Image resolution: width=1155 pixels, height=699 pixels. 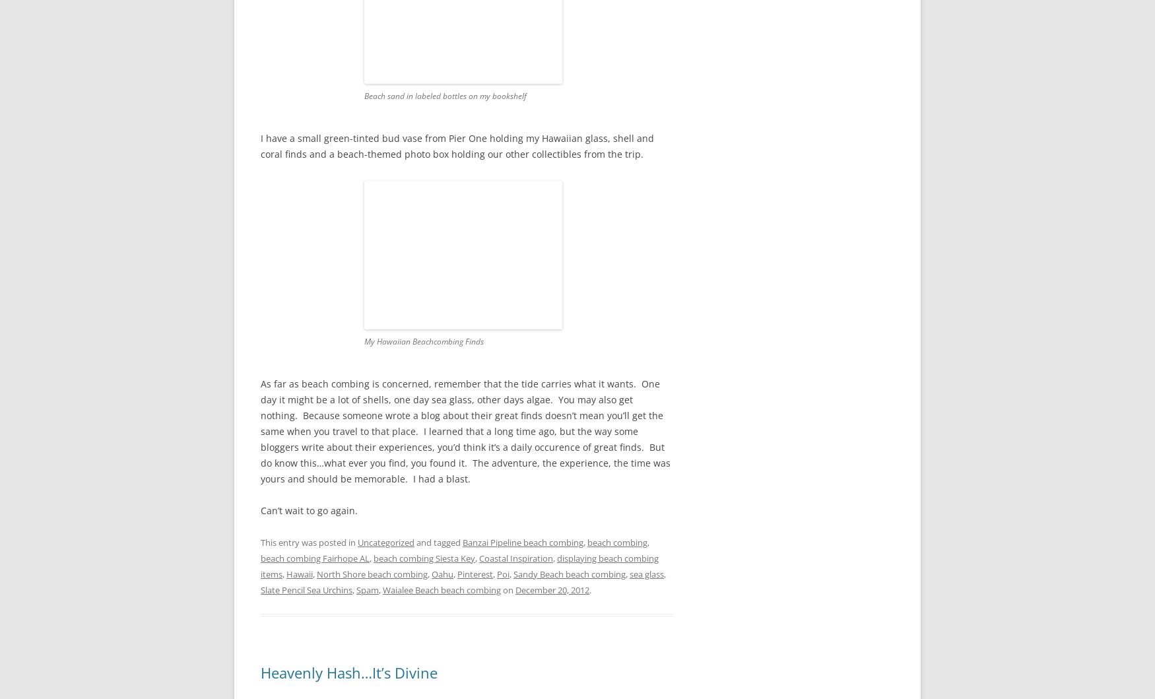 What do you see at coordinates (315, 558) in the screenshot?
I see `'beach combing Fairhope AL'` at bounding box center [315, 558].